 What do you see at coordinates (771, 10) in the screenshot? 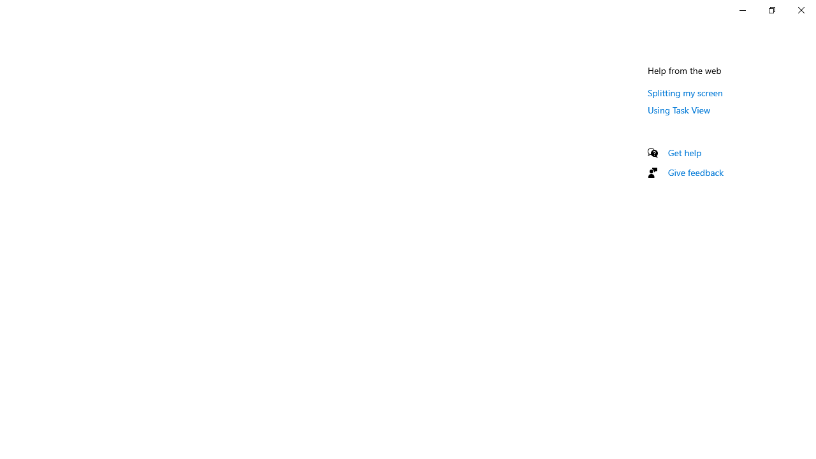
I see `'Restore Settings'` at bounding box center [771, 10].